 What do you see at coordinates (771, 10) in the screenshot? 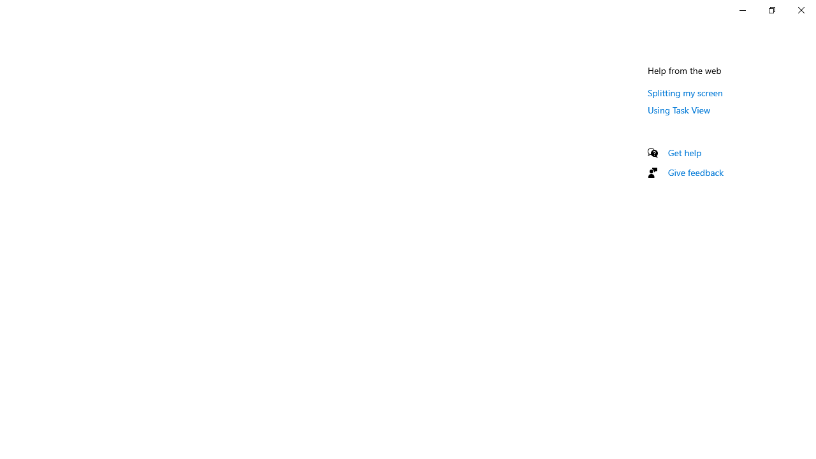
I see `'Restore Settings'` at bounding box center [771, 10].